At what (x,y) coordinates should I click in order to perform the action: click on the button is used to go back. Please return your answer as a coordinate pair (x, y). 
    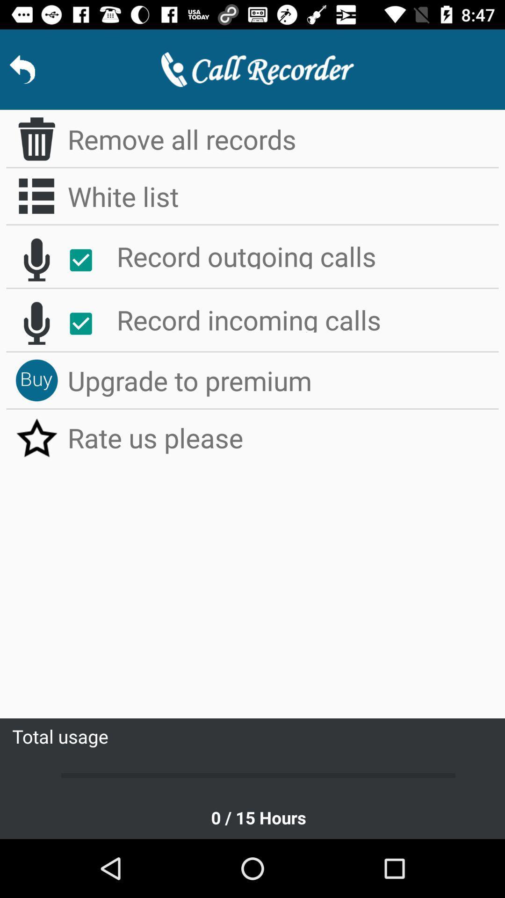
    Looking at the image, I should click on (22, 69).